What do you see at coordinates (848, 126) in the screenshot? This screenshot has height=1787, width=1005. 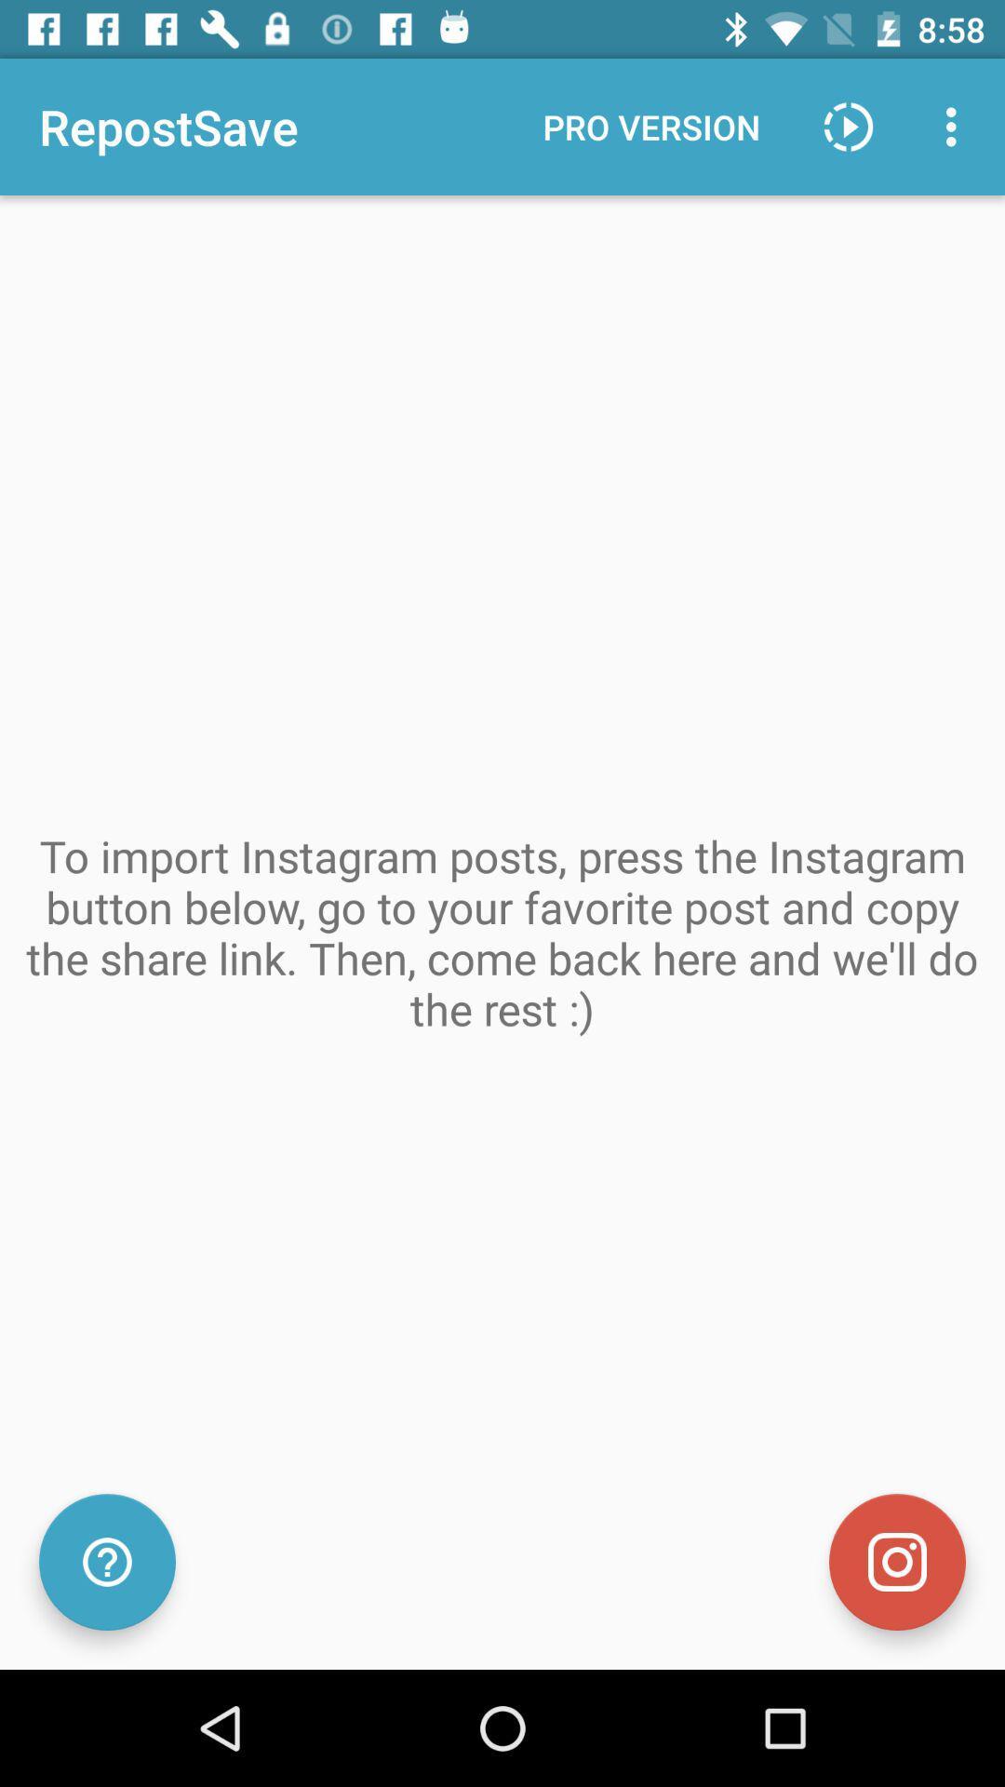 I see `item next to pro version icon` at bounding box center [848, 126].